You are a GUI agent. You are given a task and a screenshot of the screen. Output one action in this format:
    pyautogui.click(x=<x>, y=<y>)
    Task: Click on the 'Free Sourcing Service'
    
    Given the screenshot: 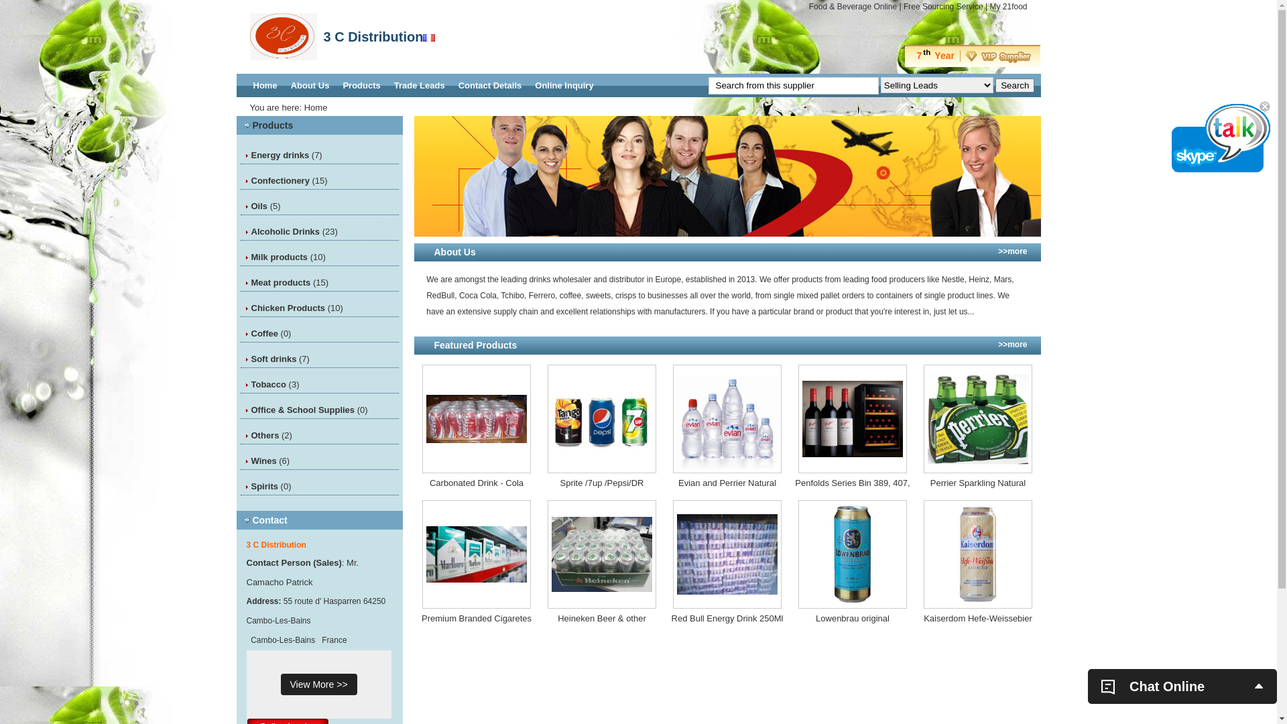 What is the action you would take?
    pyautogui.click(x=942, y=7)
    